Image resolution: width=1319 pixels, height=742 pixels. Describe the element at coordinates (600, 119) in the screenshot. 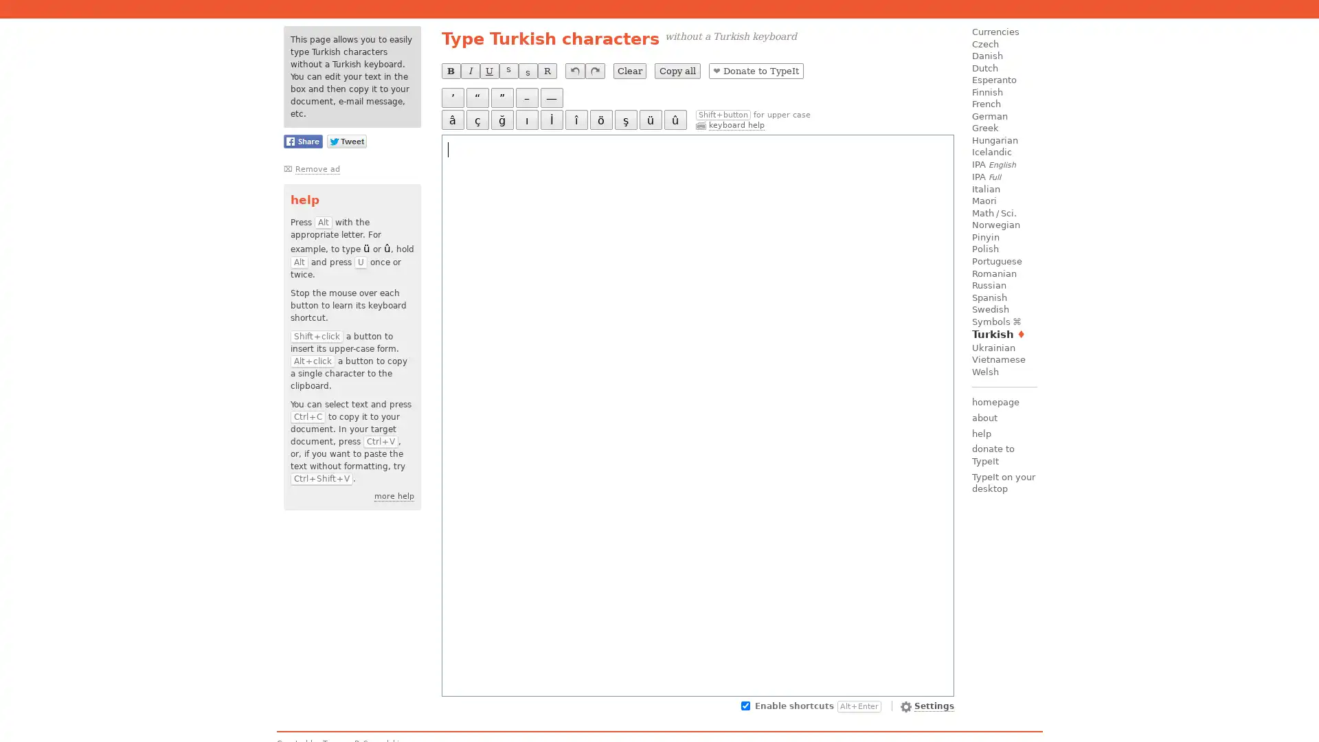

I see `o` at that location.